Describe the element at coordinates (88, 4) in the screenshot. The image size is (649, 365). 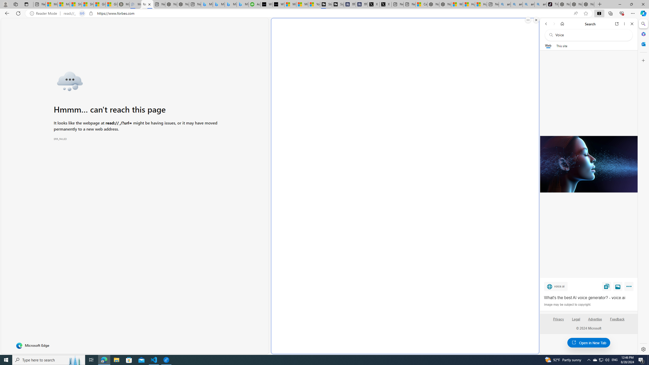
I see `'Shanghai, China weather forecast | Microsoft Weather'` at that location.